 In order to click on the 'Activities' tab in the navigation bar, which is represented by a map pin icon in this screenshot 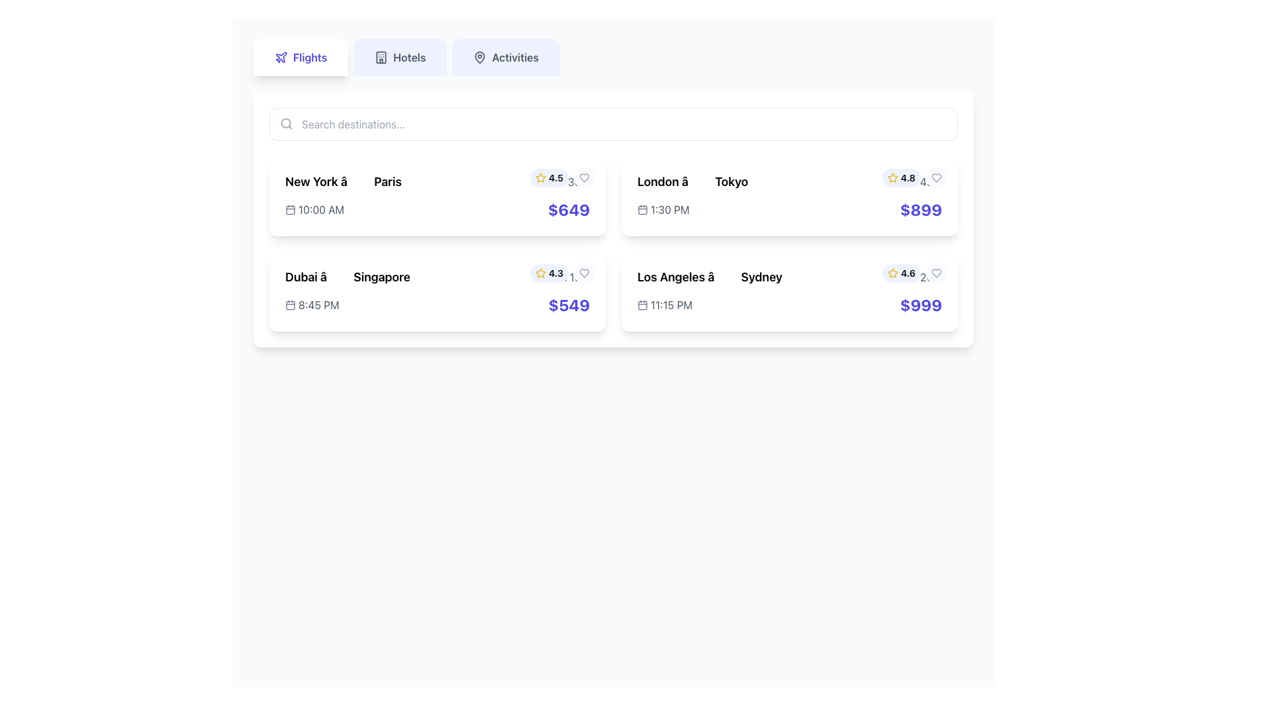, I will do `click(479, 57)`.